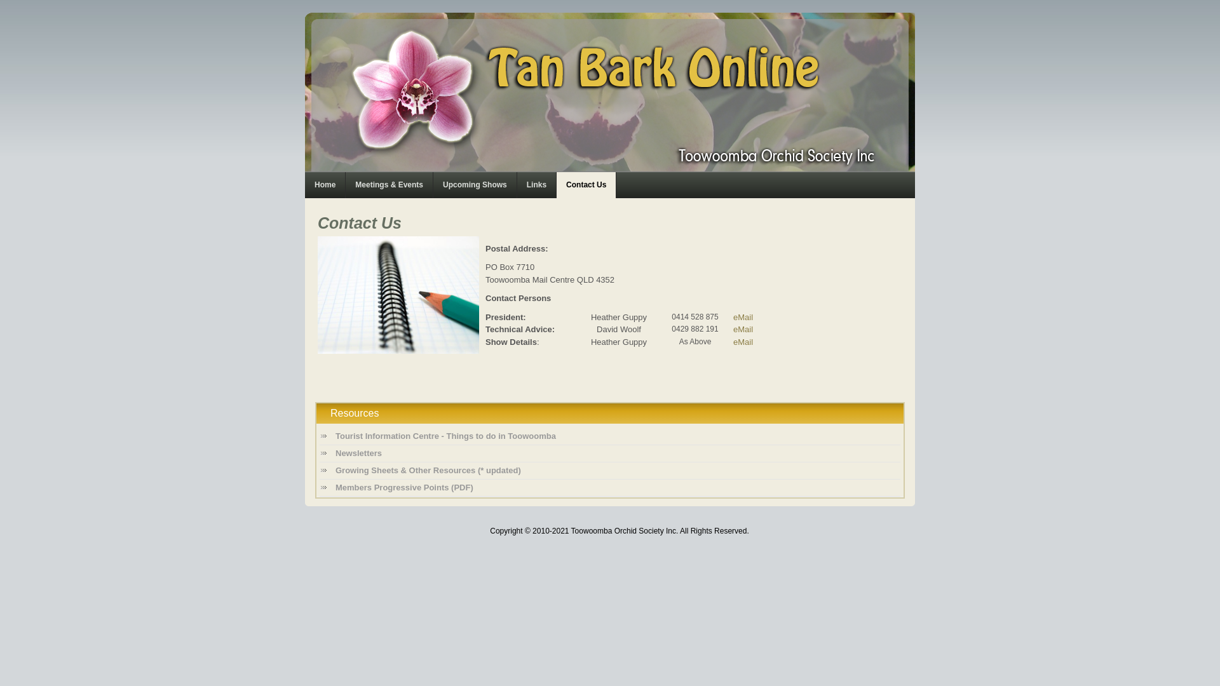 This screenshot has width=1220, height=686. I want to click on 'eMail', so click(743, 316).